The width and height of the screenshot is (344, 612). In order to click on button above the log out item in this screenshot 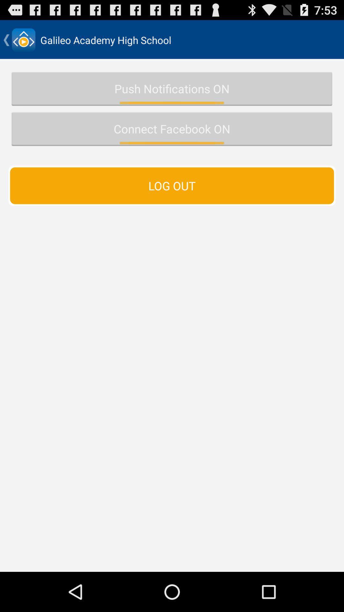, I will do `click(172, 128)`.